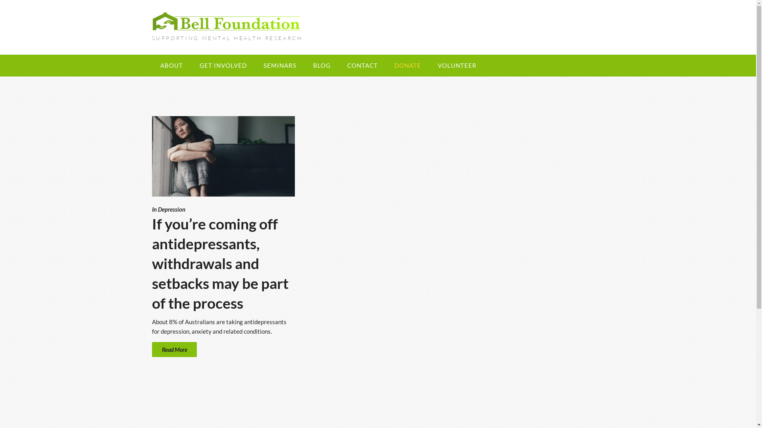 This screenshot has height=428, width=762. What do you see at coordinates (362, 65) in the screenshot?
I see `'CONTACT'` at bounding box center [362, 65].